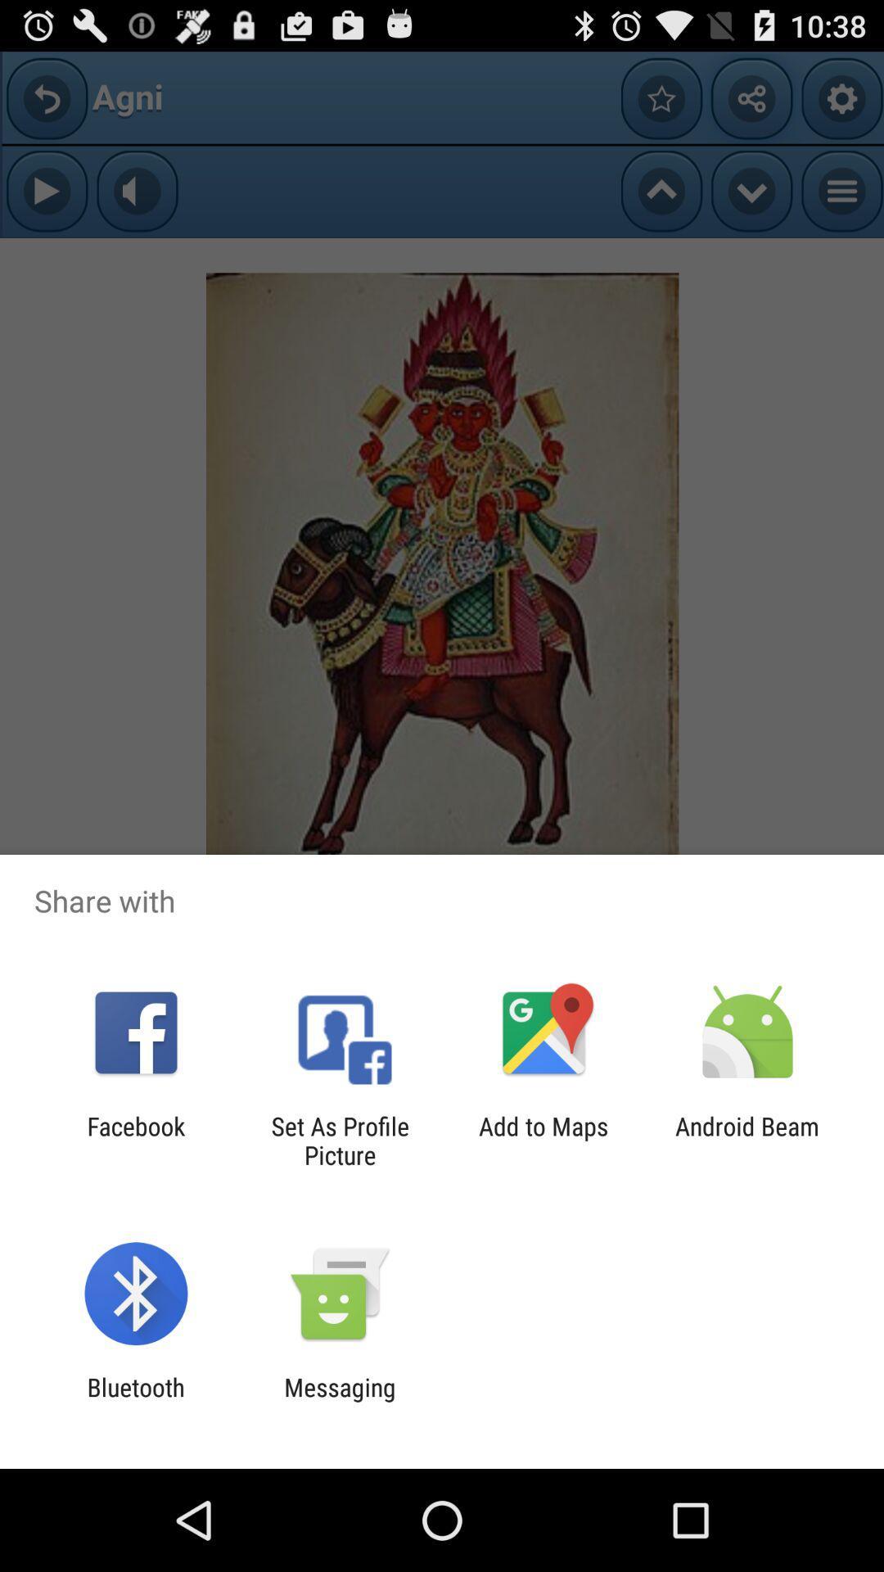 The image size is (884, 1572). Describe the element at coordinates (543, 1140) in the screenshot. I see `the item next to android beam item` at that location.